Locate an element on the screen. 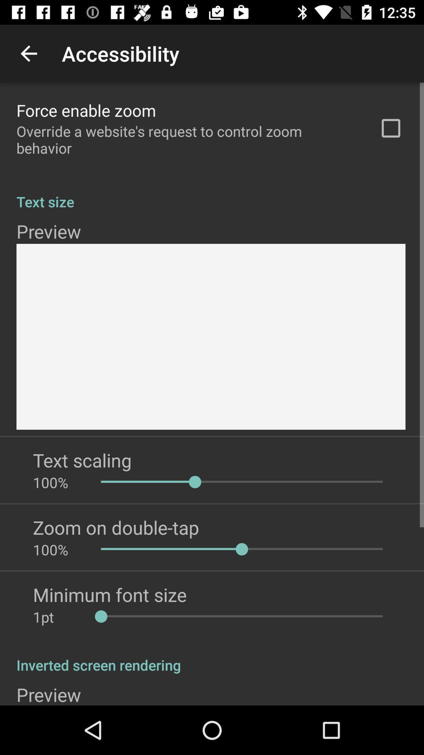 The height and width of the screenshot is (755, 424). app above the 100% app is located at coordinates (82, 460).